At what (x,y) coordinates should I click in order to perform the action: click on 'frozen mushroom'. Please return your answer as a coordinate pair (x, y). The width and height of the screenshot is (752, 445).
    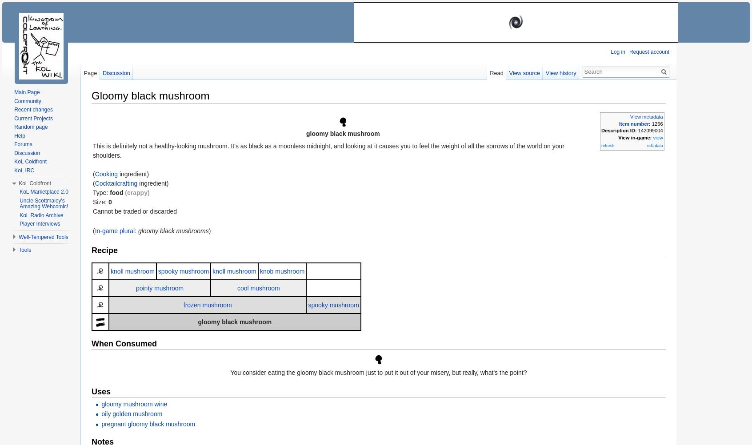
    Looking at the image, I should click on (207, 305).